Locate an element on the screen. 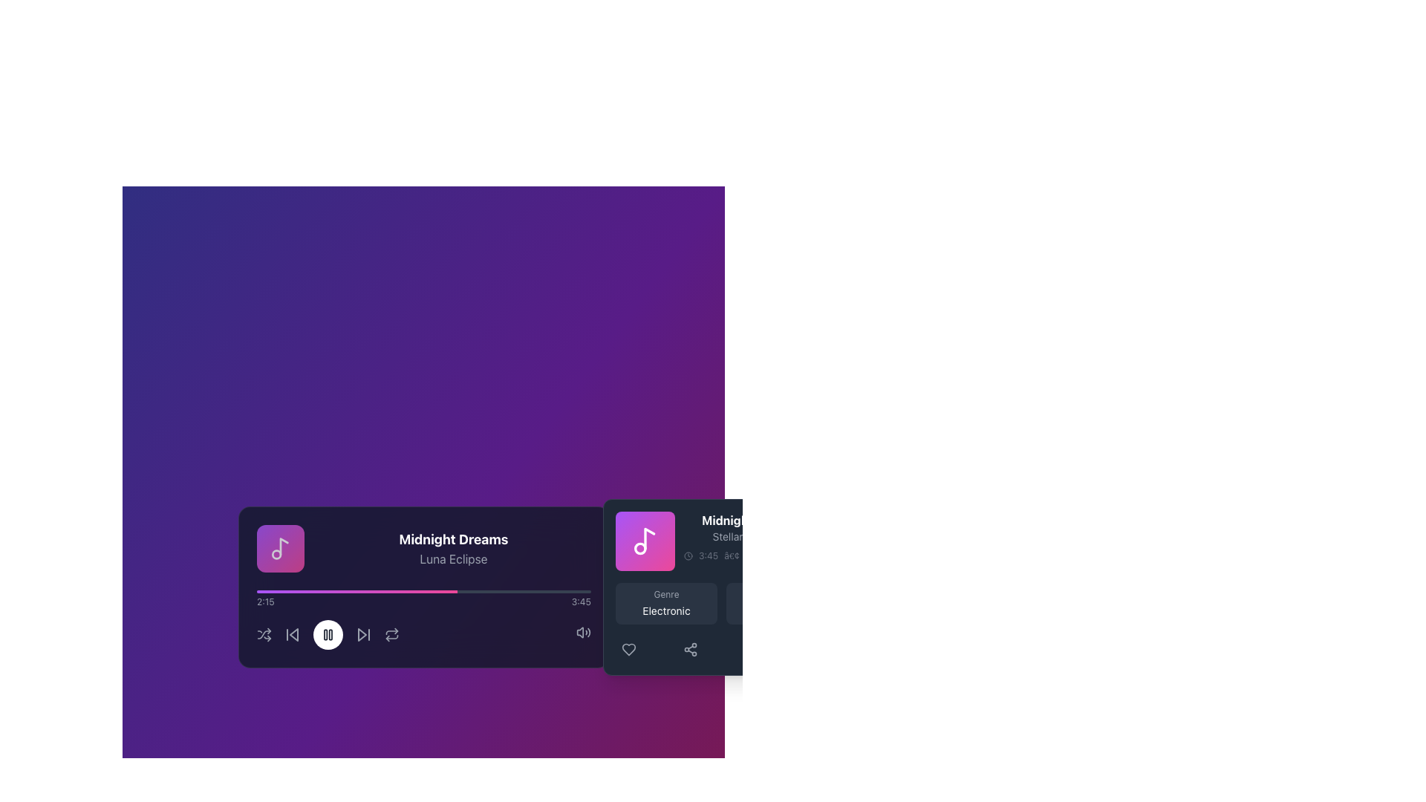 This screenshot has height=802, width=1426. text displayed in the text block titled 'Midnight Dreams' with the subtitle 'Luna Eclipse', which is centered within a dark background in a media player interface is located at coordinates (452, 549).